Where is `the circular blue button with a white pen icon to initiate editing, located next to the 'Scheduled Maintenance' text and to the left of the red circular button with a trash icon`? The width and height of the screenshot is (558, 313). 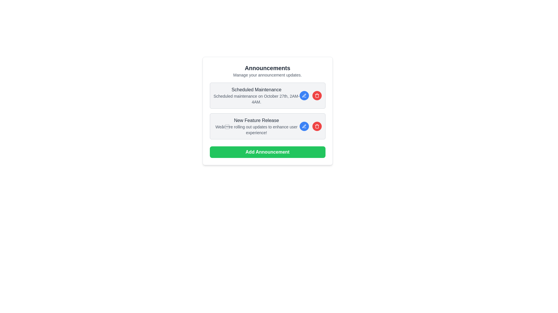
the circular blue button with a white pen icon to initiate editing, located next to the 'Scheduled Maintenance' text and to the left of the red circular button with a trash icon is located at coordinates (304, 95).